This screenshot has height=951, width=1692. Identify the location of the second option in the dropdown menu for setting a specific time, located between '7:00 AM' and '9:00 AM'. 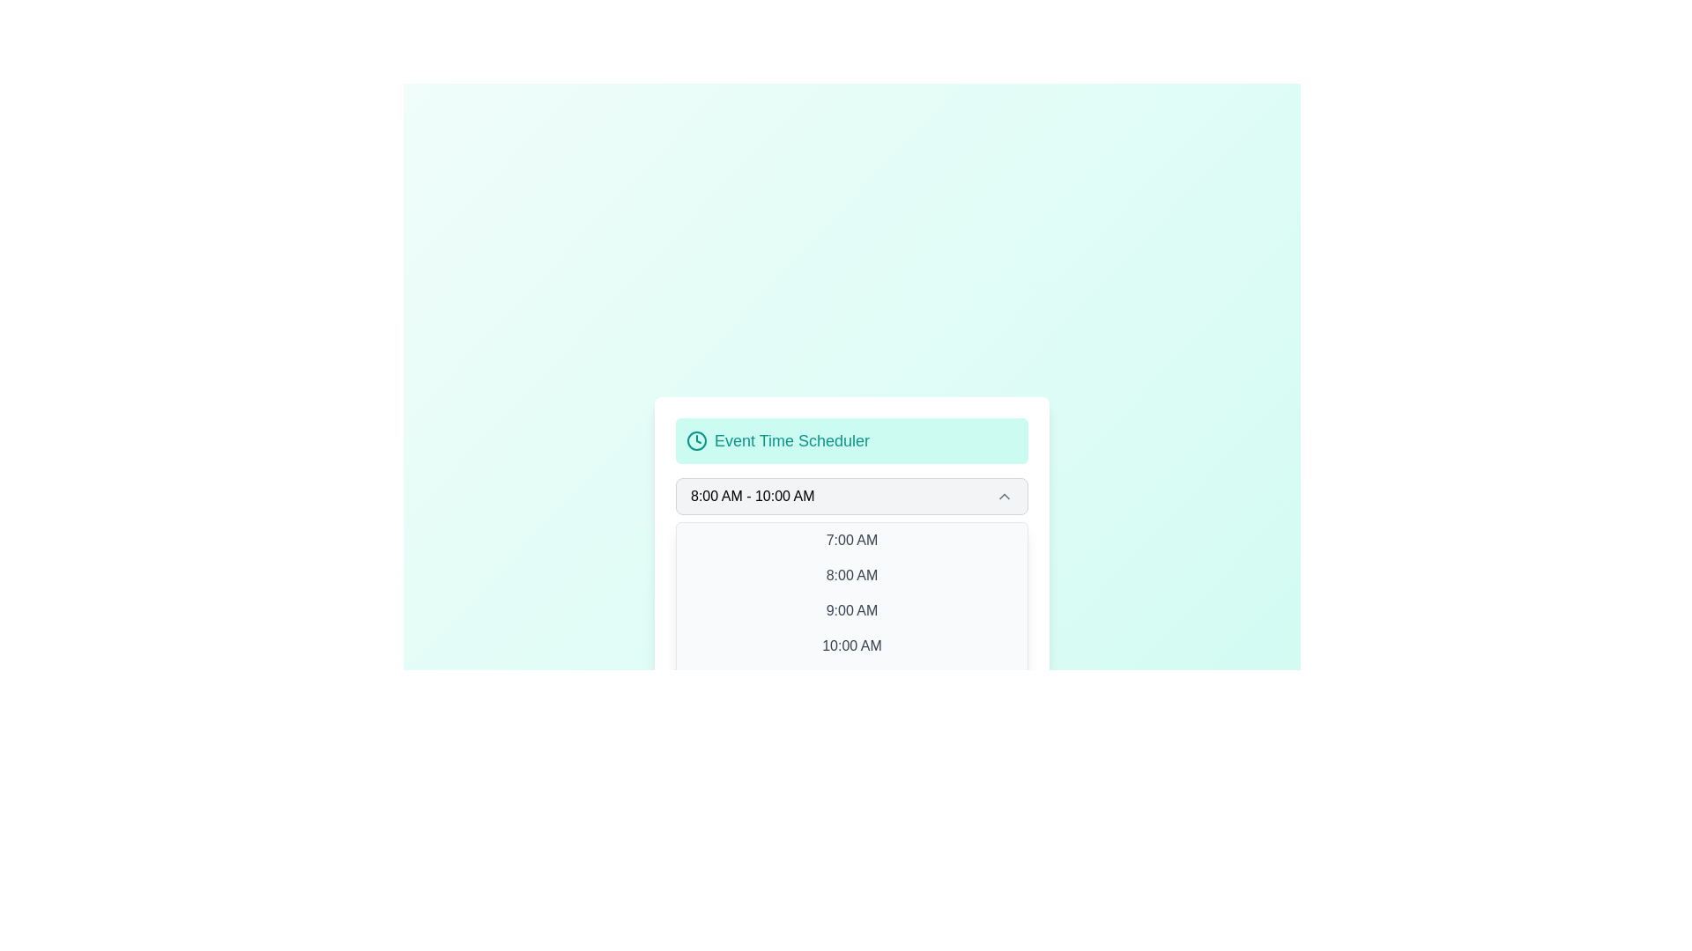
(851, 576).